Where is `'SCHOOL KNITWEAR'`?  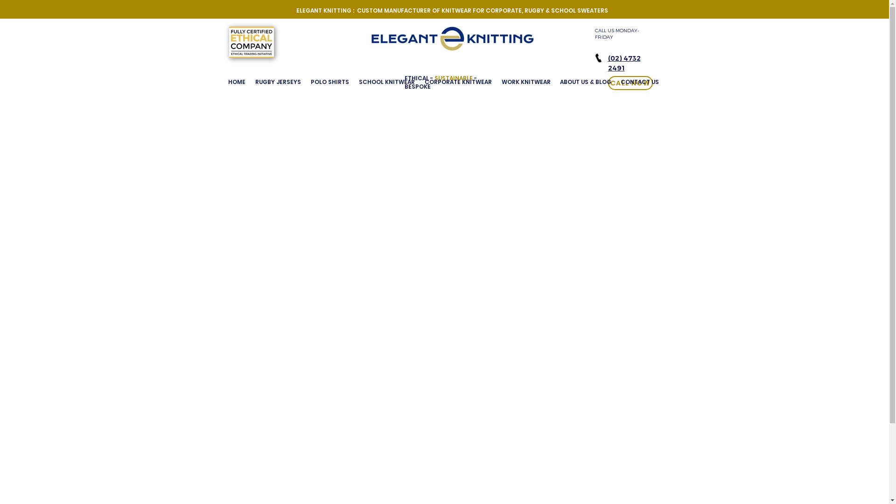
'SCHOOL KNITWEAR' is located at coordinates (353, 82).